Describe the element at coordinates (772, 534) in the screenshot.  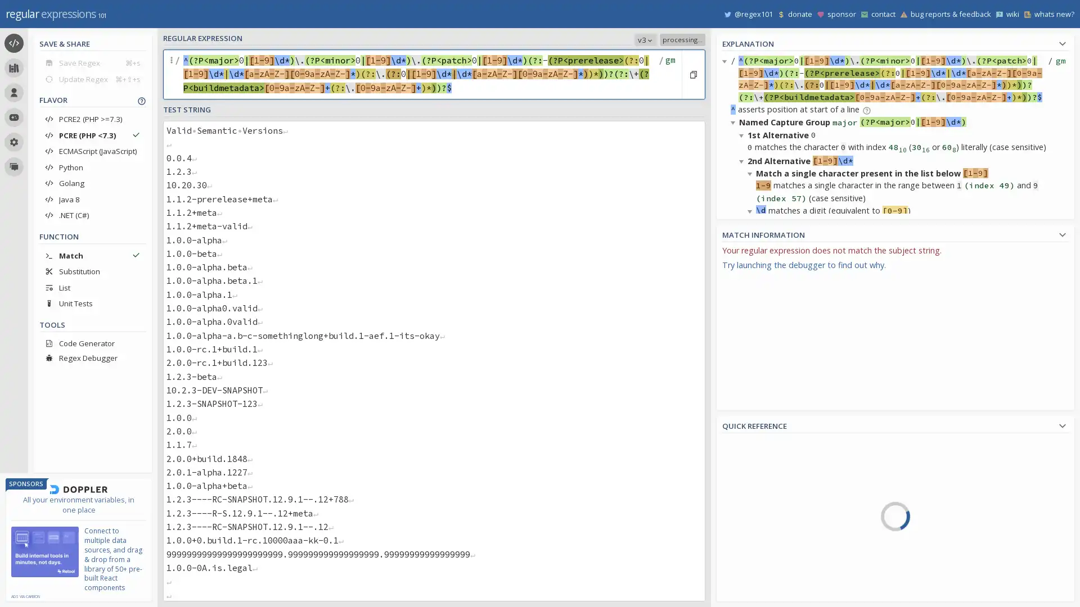
I see `Match 4` at that location.